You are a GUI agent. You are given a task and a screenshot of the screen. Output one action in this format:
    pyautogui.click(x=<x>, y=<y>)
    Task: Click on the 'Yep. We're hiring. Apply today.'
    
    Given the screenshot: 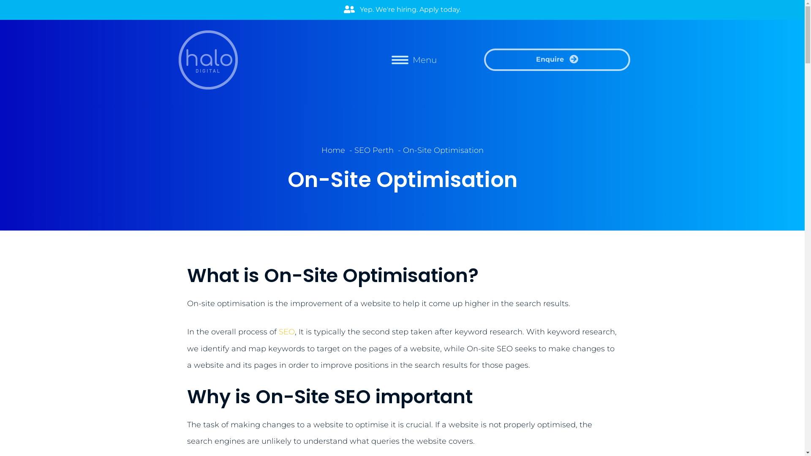 What is the action you would take?
    pyautogui.click(x=402, y=10)
    